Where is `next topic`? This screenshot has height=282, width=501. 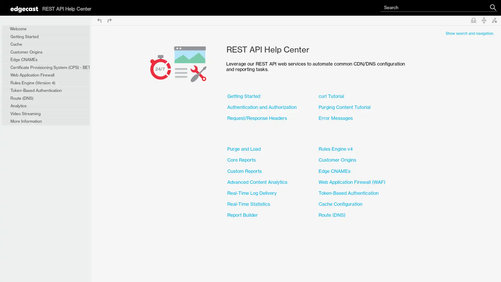 next topic is located at coordinates (109, 20).